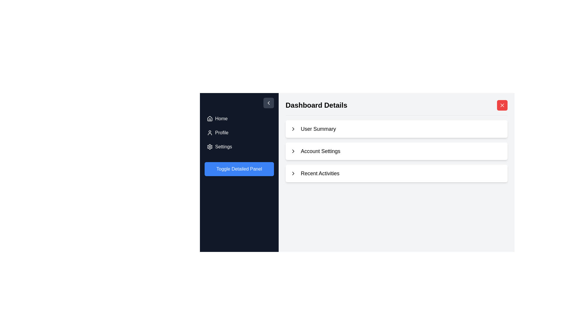 The width and height of the screenshot is (562, 316). I want to click on the title bar located at the top center of the interface, which includes a close button for dismissing the section, so click(396, 108).